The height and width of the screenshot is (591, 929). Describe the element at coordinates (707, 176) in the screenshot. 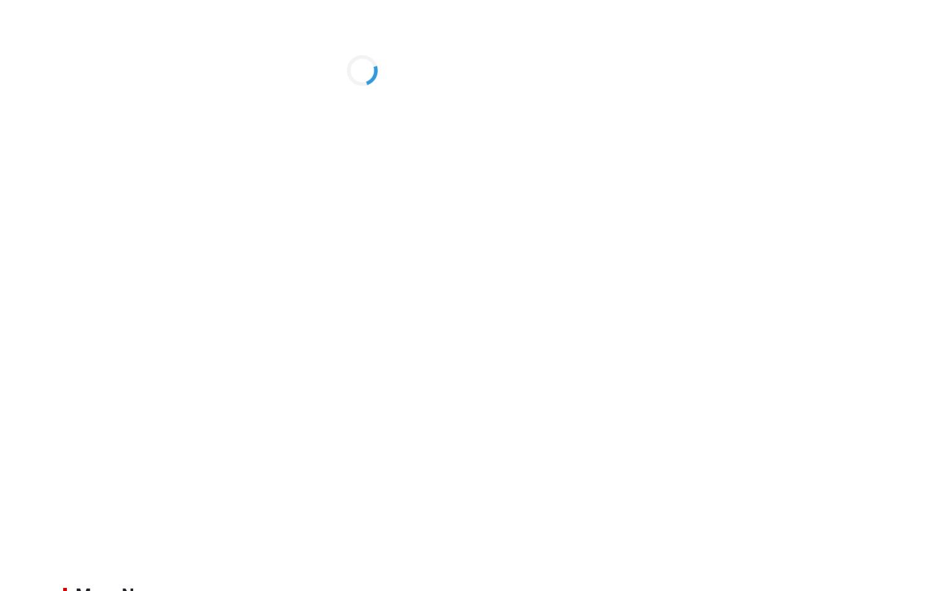

I see `'Bangladesh plot to play ‘compact defense’ against Socceroos'` at that location.